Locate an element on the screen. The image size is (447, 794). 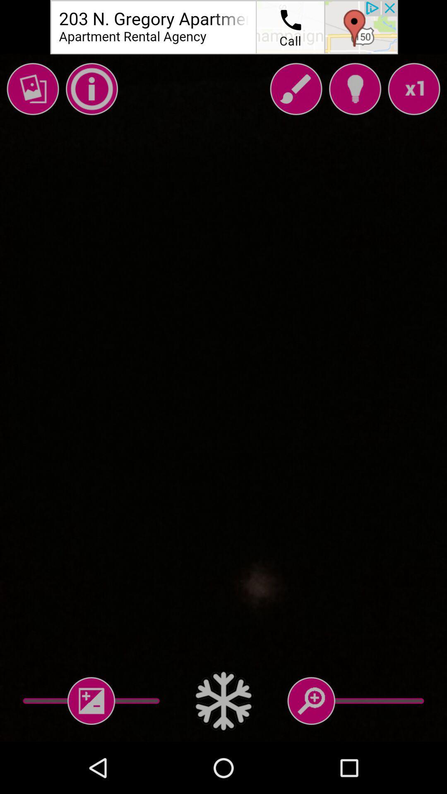
the info icon is located at coordinates (92, 89).